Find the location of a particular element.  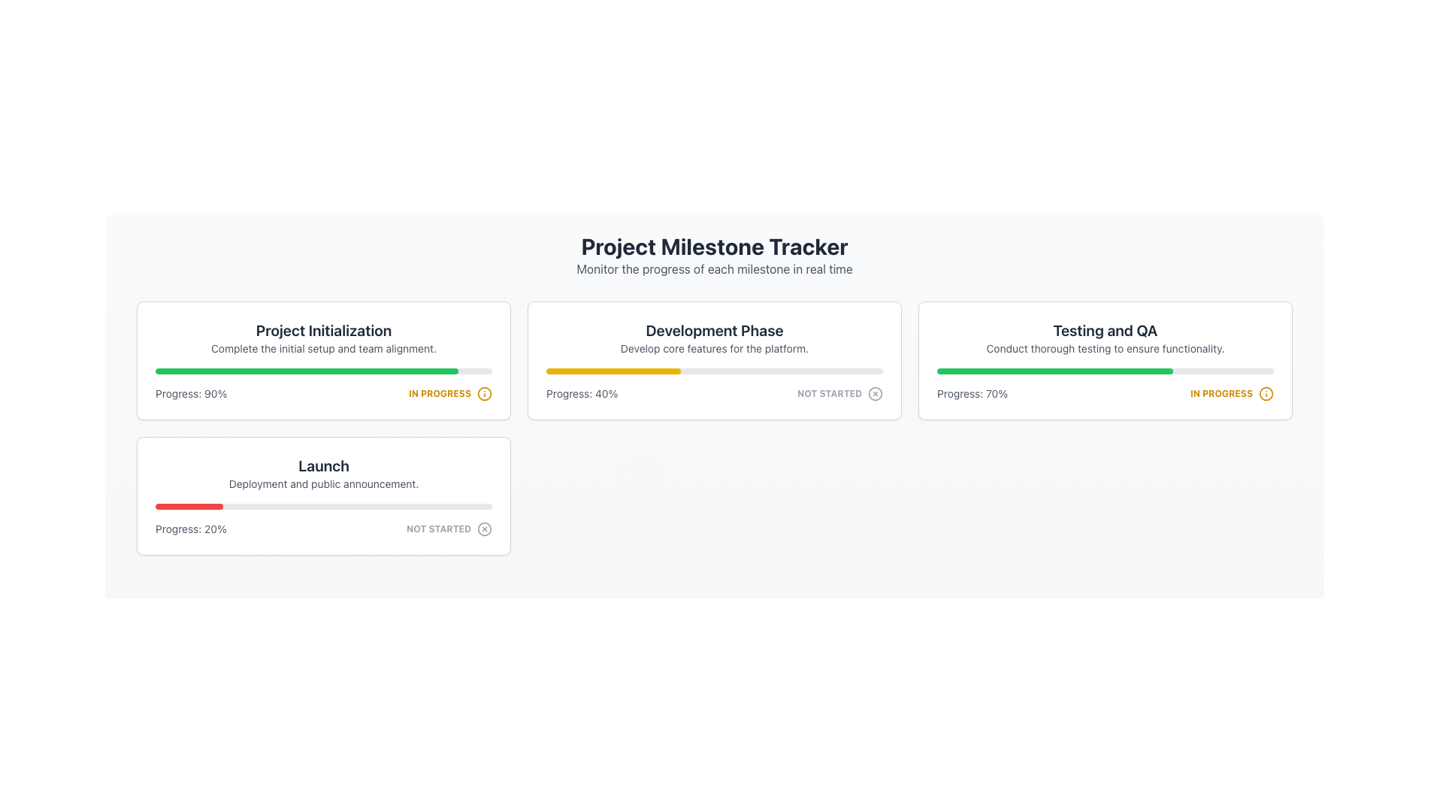

the text display element providing information about the milestone titled 'Launch', which is positioned in the center of the third milestone card on the left row of the interface is located at coordinates (323, 472).